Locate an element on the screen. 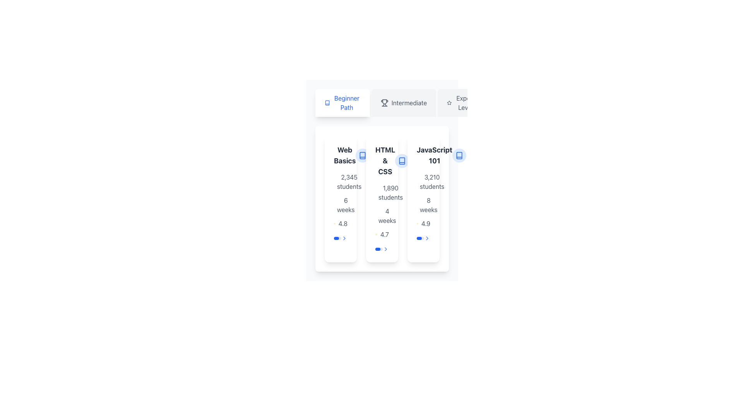 The height and width of the screenshot is (418, 743). the progress bar with navigation icon located at the bottom-right of the 'Web Basics' card is located at coordinates (341, 238).